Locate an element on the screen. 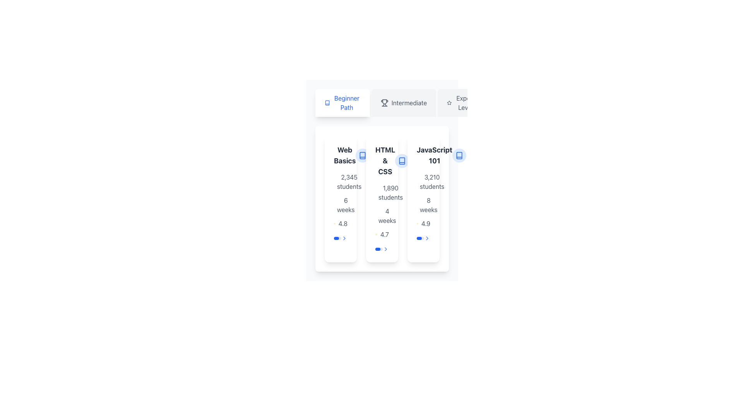 The height and width of the screenshot is (418, 743). the progress bar with navigation icon located at the bottom-right of the 'Web Basics' card is located at coordinates (341, 238).